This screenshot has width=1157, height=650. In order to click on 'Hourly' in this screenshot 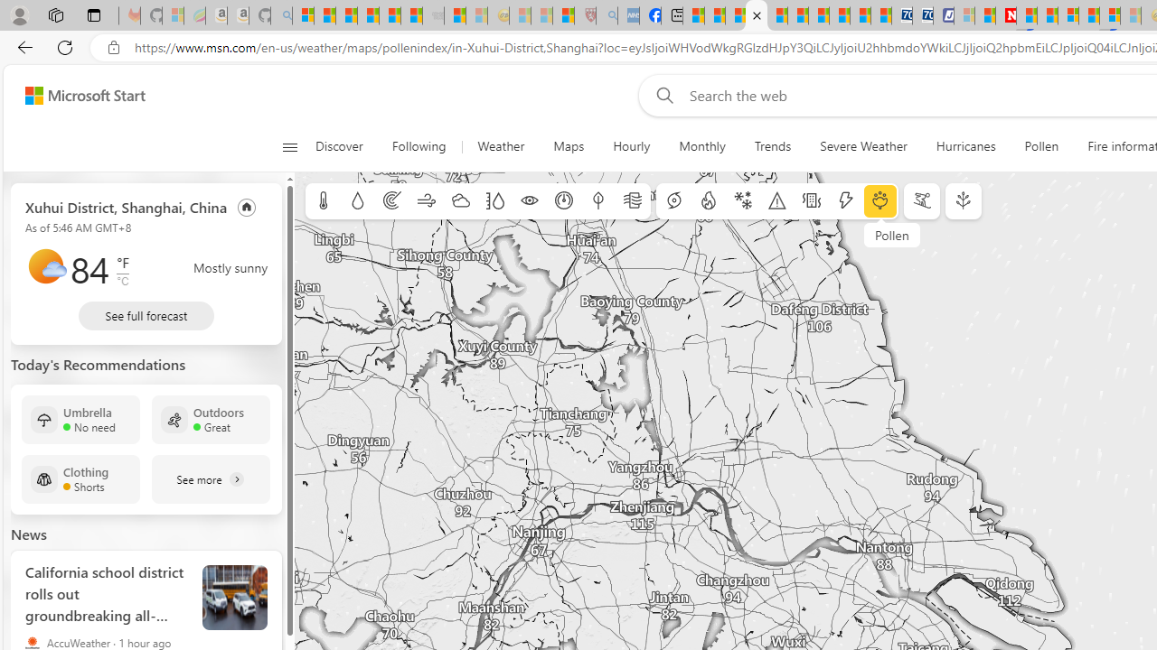, I will do `click(631, 146)`.